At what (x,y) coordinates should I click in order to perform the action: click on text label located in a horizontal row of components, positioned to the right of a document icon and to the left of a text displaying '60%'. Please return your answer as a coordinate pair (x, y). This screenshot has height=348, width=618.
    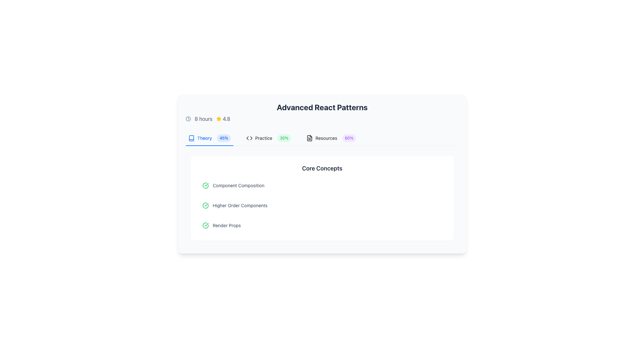
    Looking at the image, I should click on (326, 138).